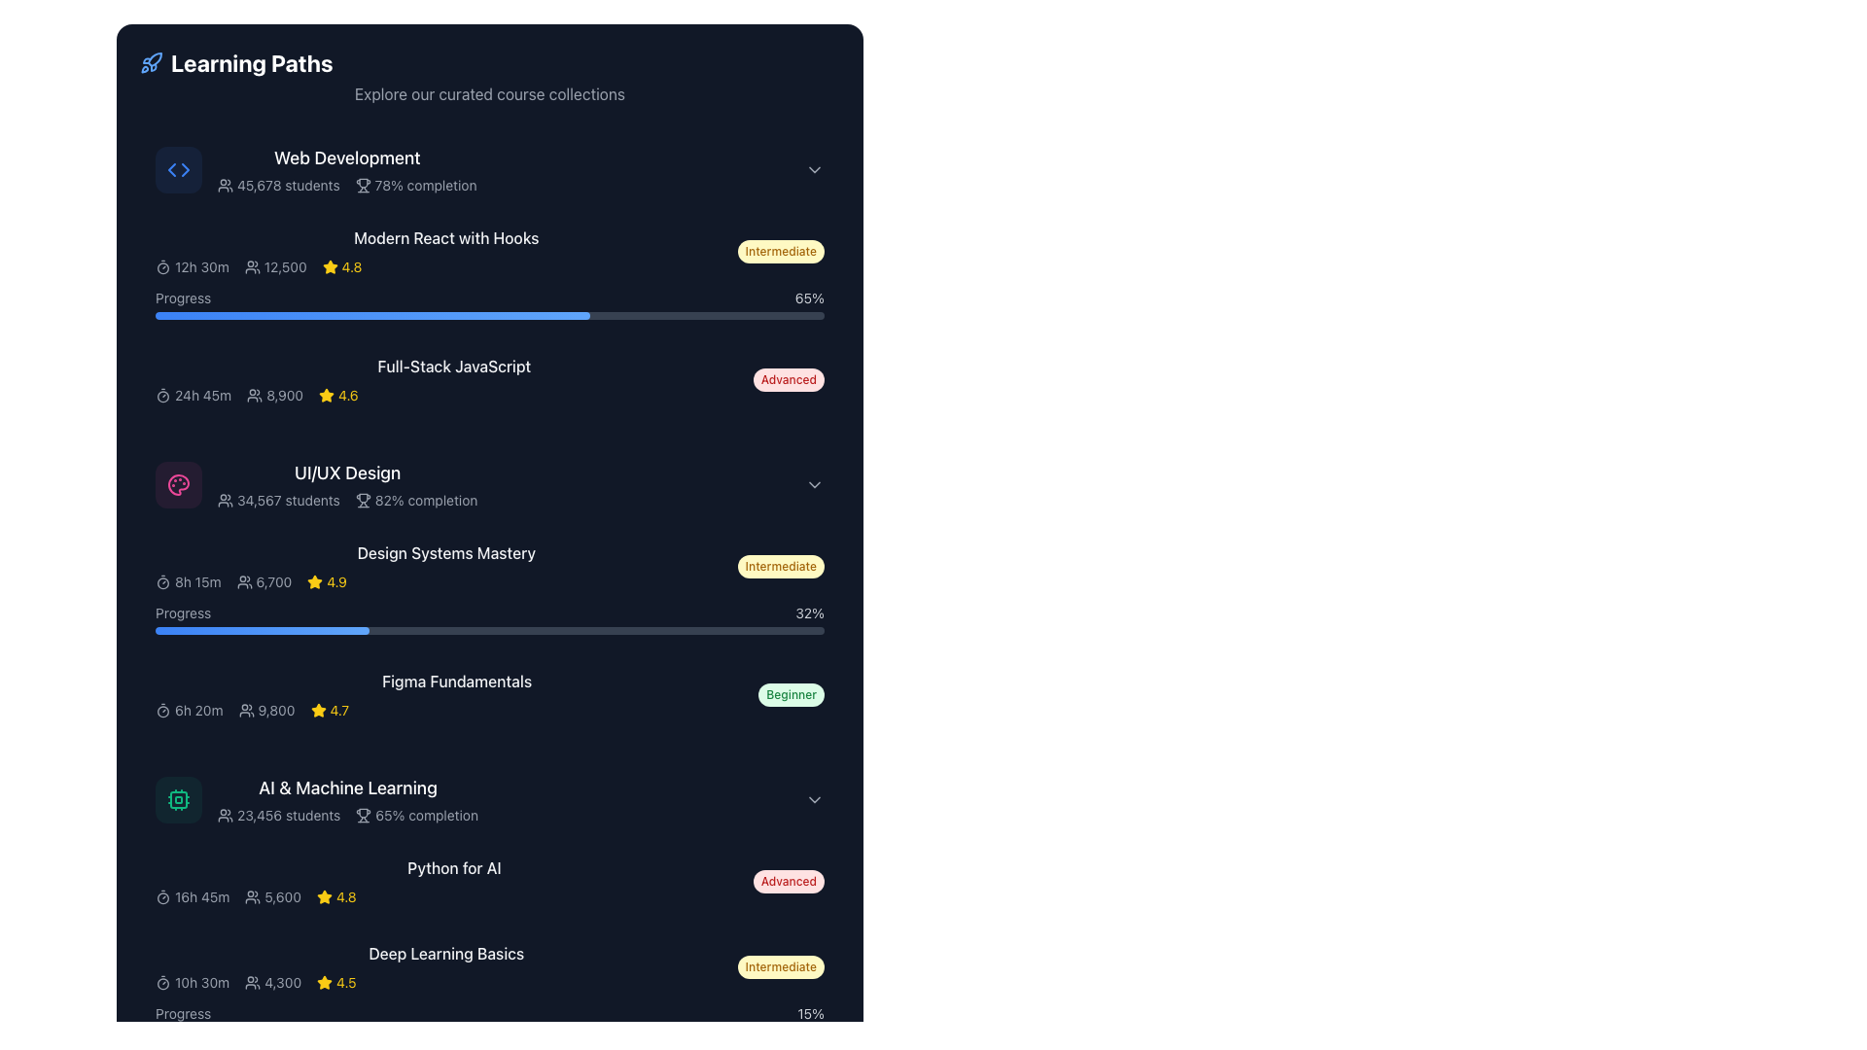  What do you see at coordinates (336, 580) in the screenshot?
I see `the text label displaying the numerical value '4.9', which is part of the rating information for the 'Design Systems Mastery' course, located in the fourth row of the 'Learning Paths' section, aligned to the right of a star icon` at bounding box center [336, 580].